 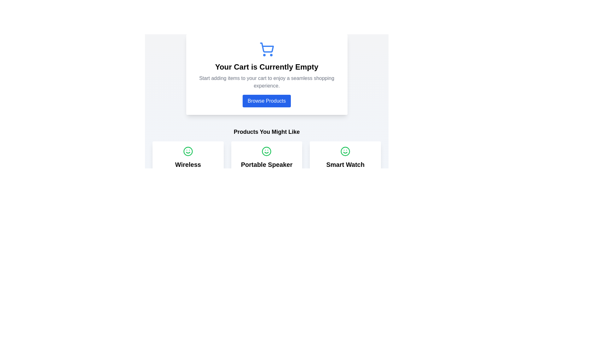 I want to click on the circular green smiley face icon located above the product title and price in the 'Wireless Headphones' product card for more details, so click(x=187, y=151).